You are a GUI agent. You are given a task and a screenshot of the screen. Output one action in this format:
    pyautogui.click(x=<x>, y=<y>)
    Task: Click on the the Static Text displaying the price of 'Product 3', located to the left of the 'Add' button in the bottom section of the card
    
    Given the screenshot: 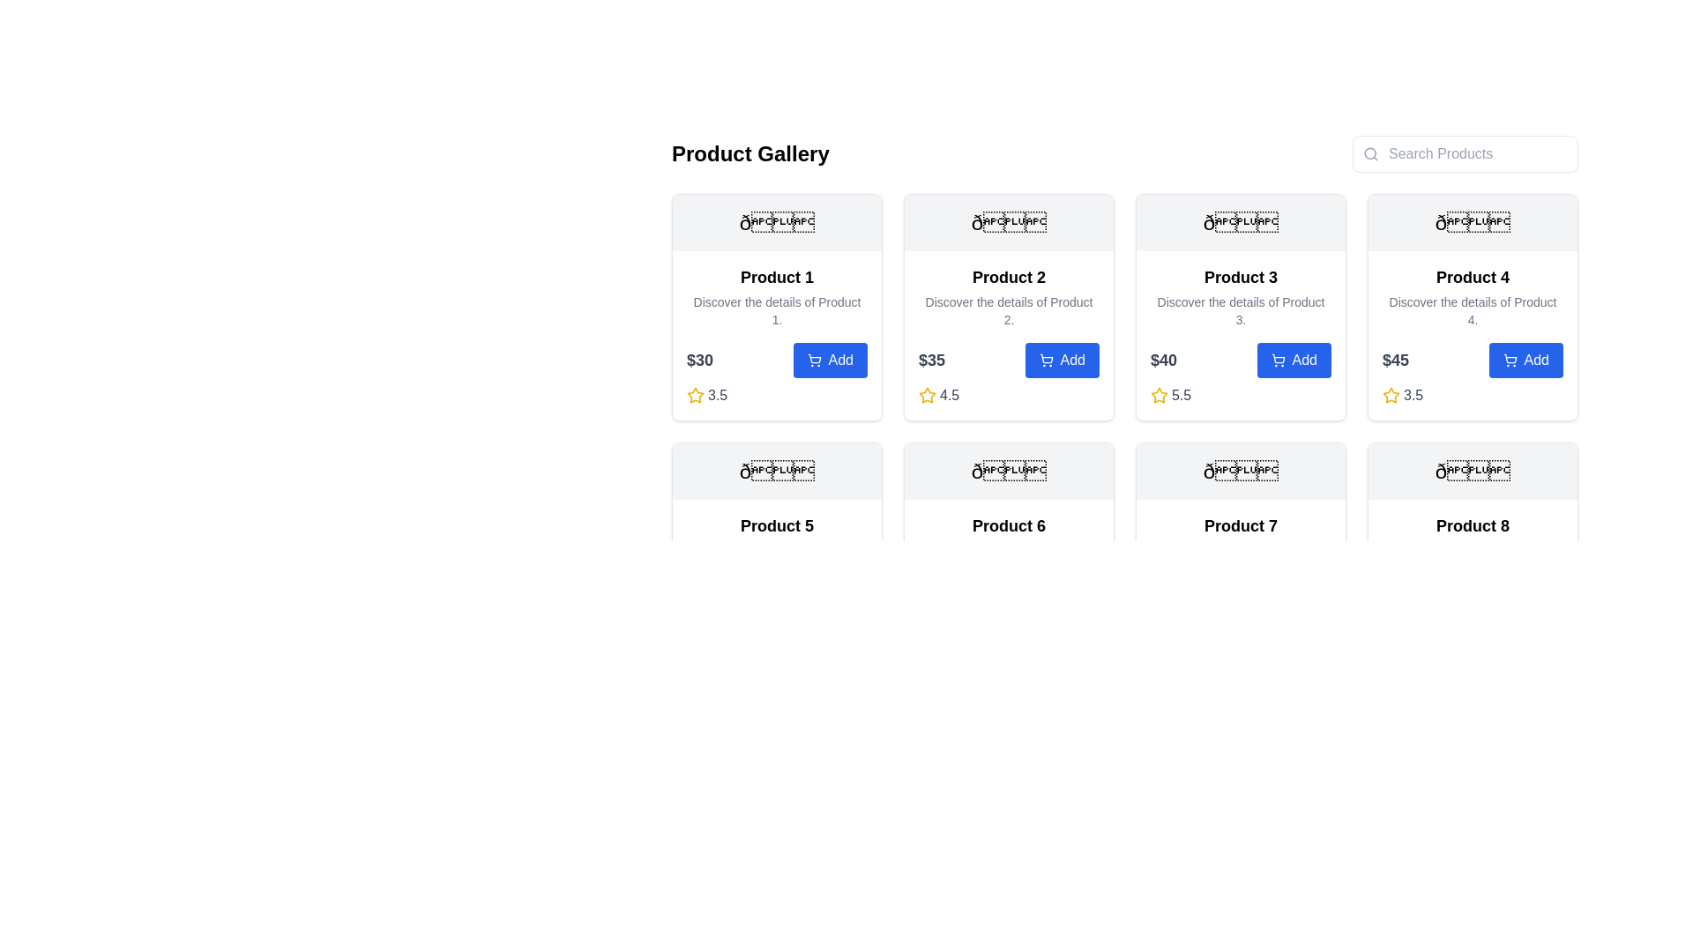 What is the action you would take?
    pyautogui.click(x=1164, y=359)
    